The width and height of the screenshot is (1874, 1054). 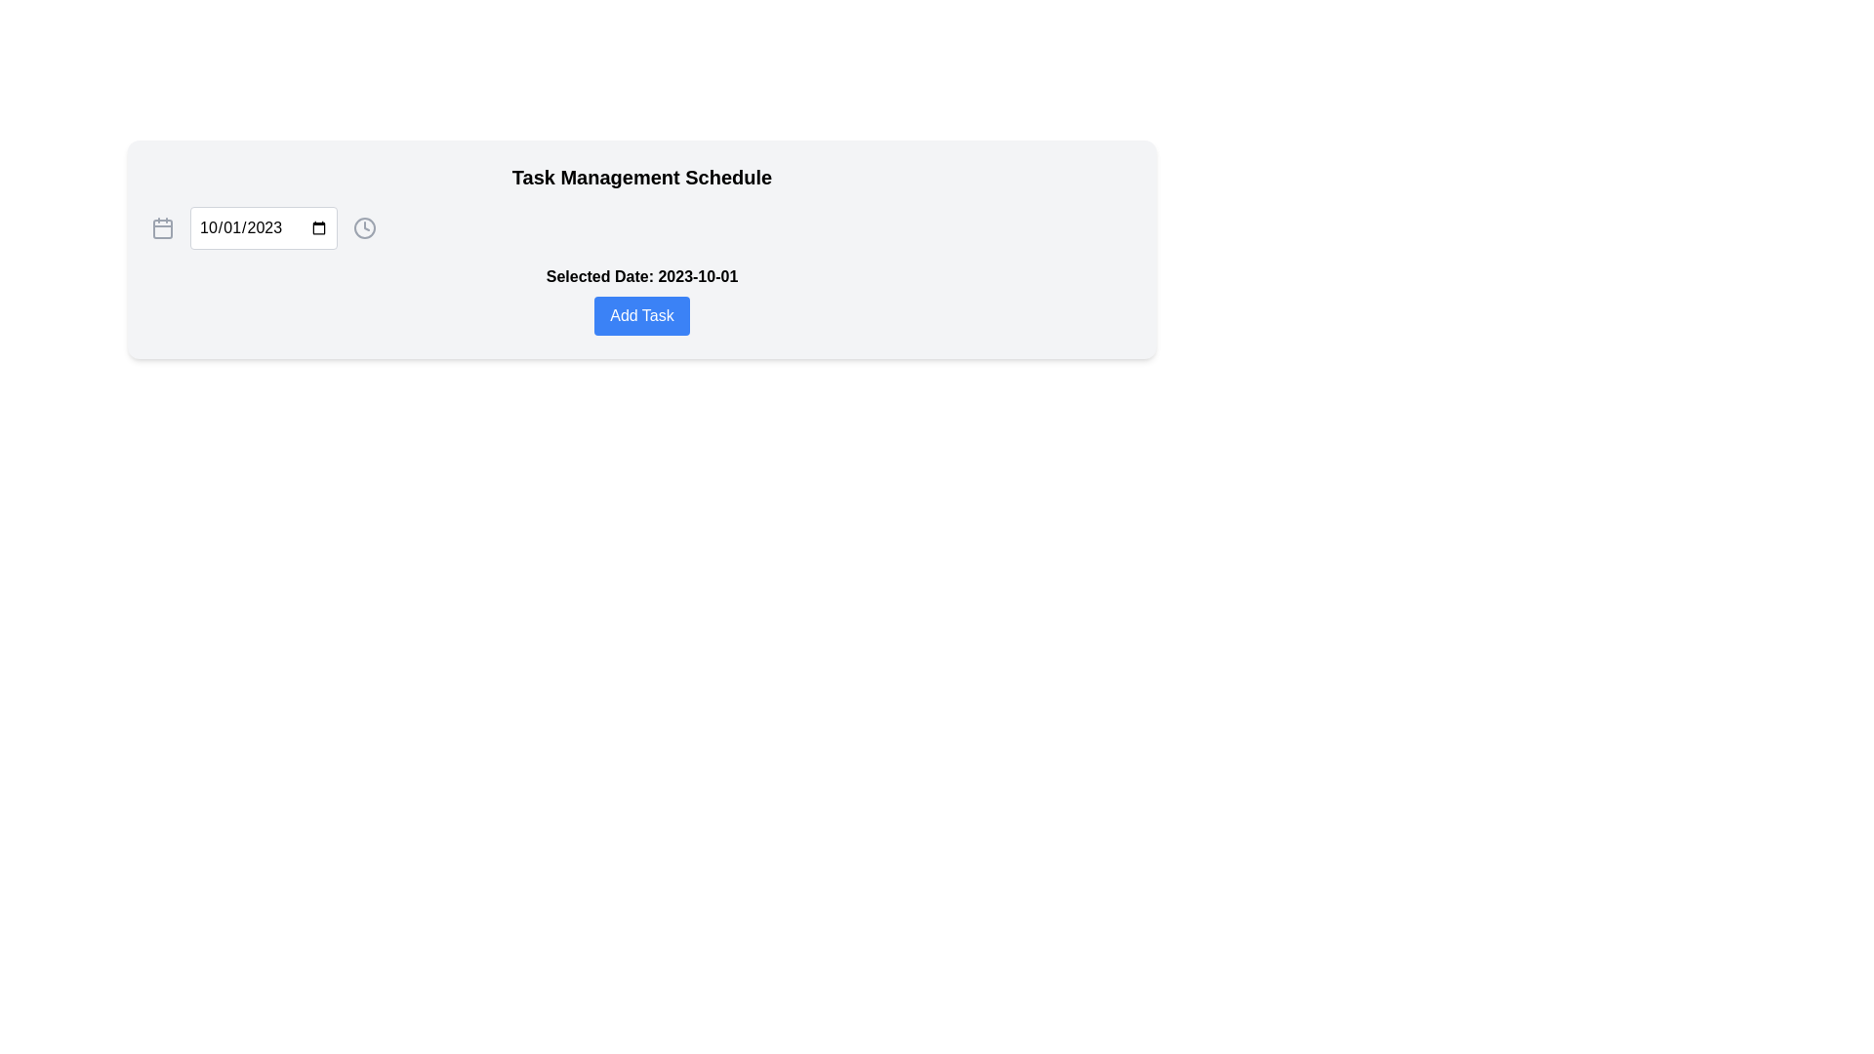 What do you see at coordinates (365, 227) in the screenshot?
I see `the SVG Circle Graphic element, which is a circular component with a thin stroke, located near the center of a clock-like icon` at bounding box center [365, 227].